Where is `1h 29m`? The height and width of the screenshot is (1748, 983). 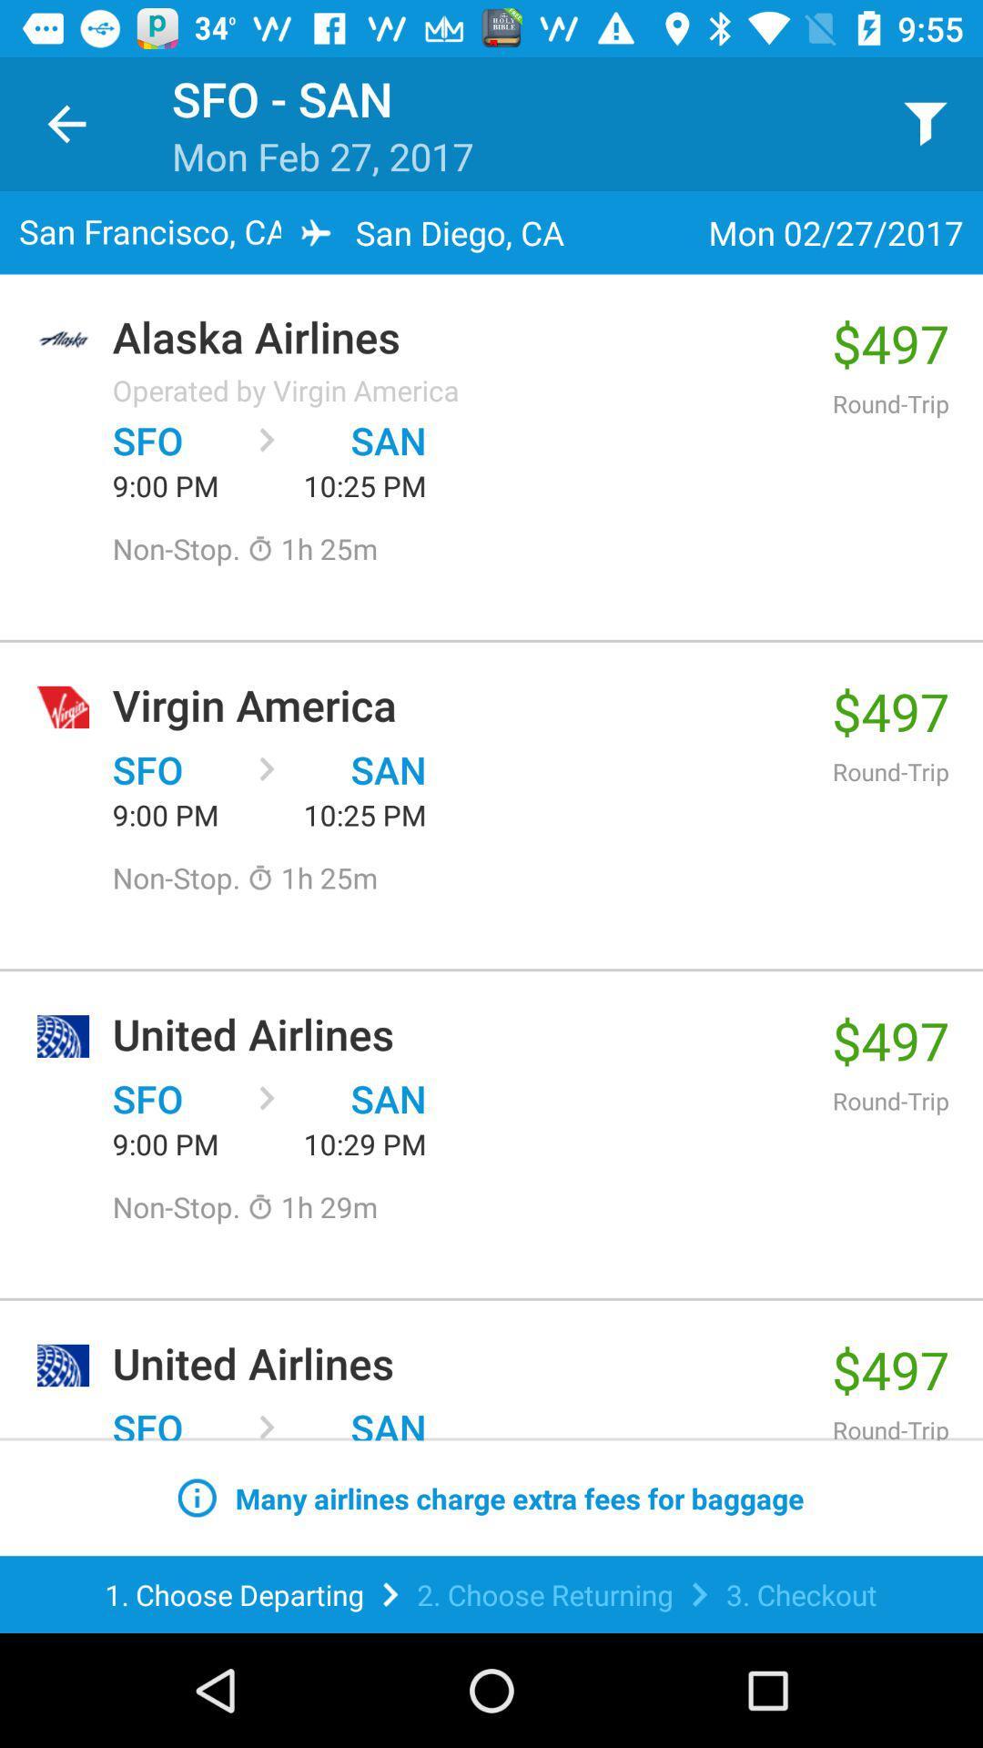
1h 29m is located at coordinates (311, 1206).